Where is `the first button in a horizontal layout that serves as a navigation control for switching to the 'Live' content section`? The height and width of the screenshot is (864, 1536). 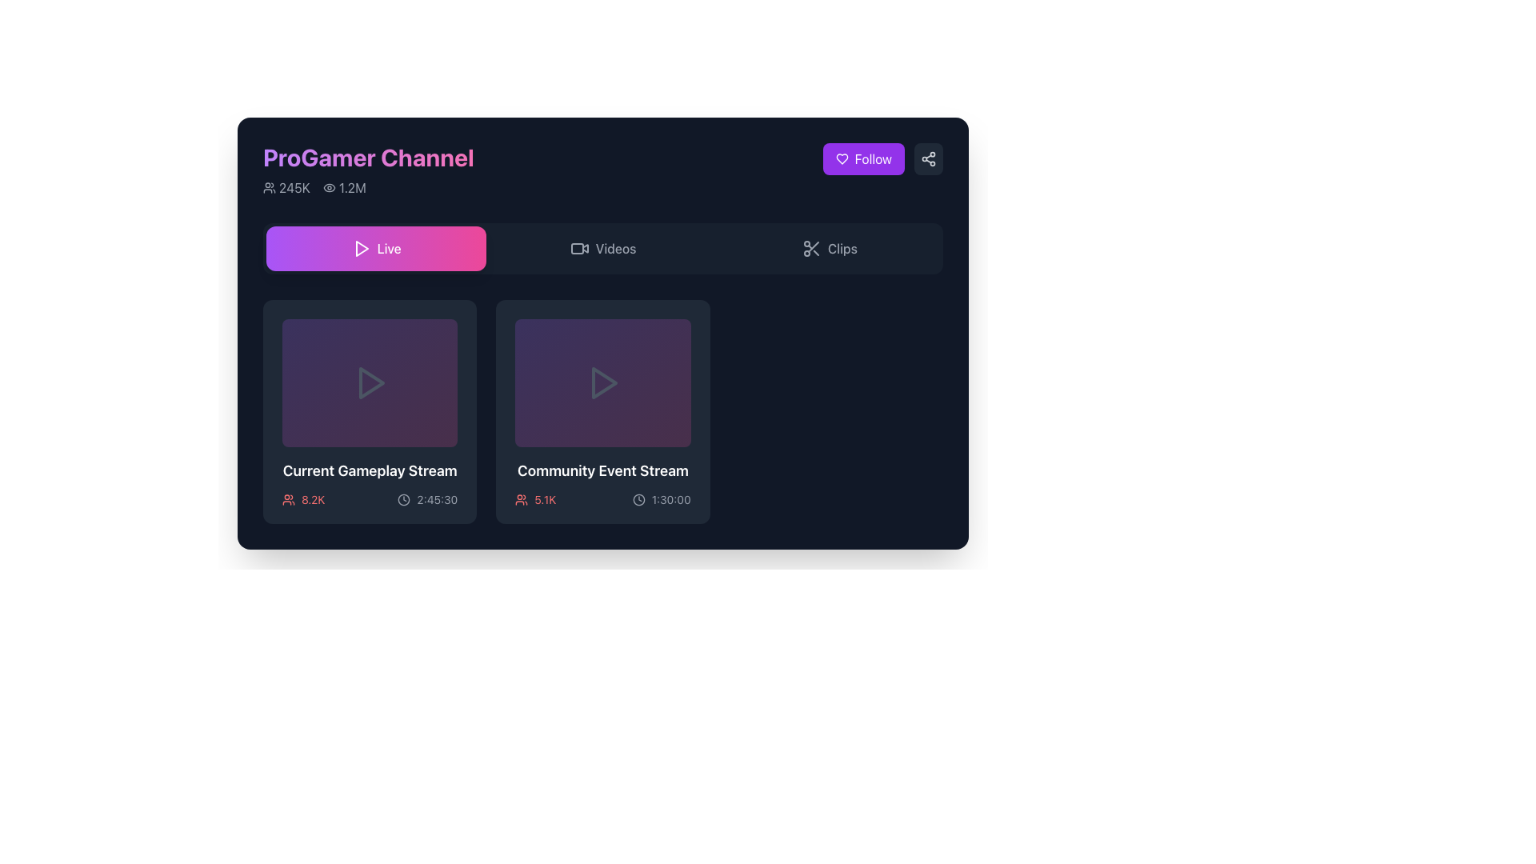 the first button in a horizontal layout that serves as a navigation control for switching to the 'Live' content section is located at coordinates (375, 249).